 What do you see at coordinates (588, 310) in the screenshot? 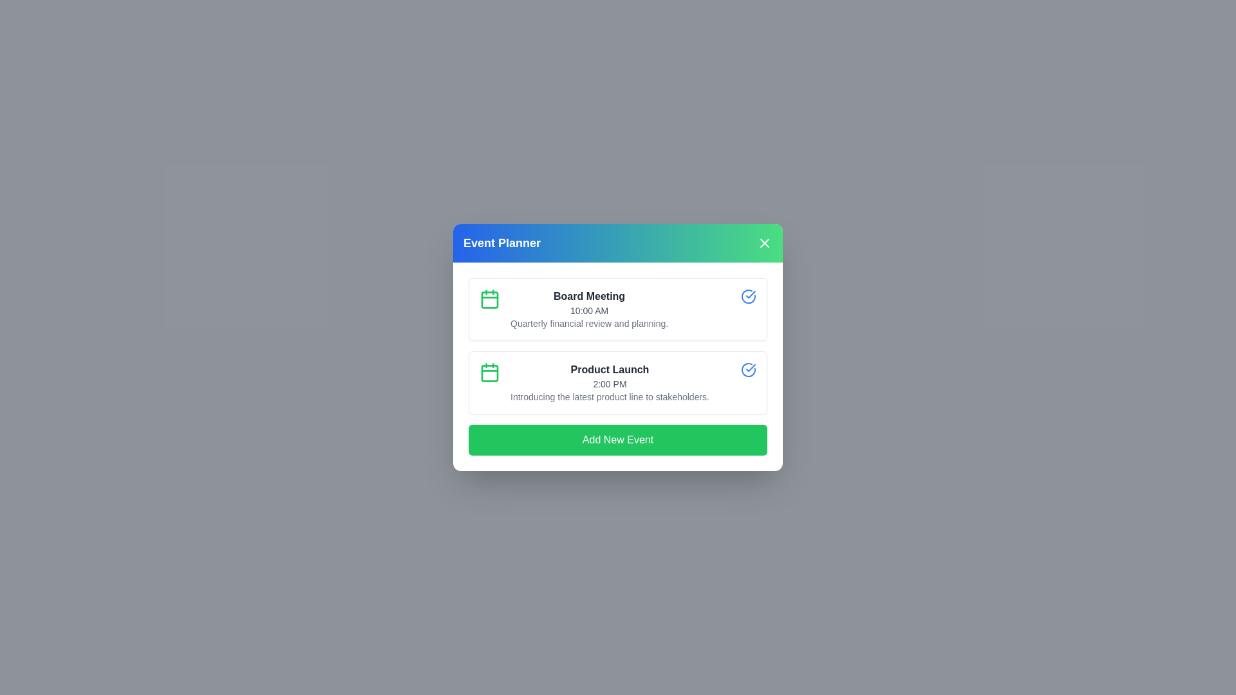
I see `time information displayed in the text label showing '10:00 AM', which is located underneath the bold 'Board Meeting' label` at bounding box center [588, 310].